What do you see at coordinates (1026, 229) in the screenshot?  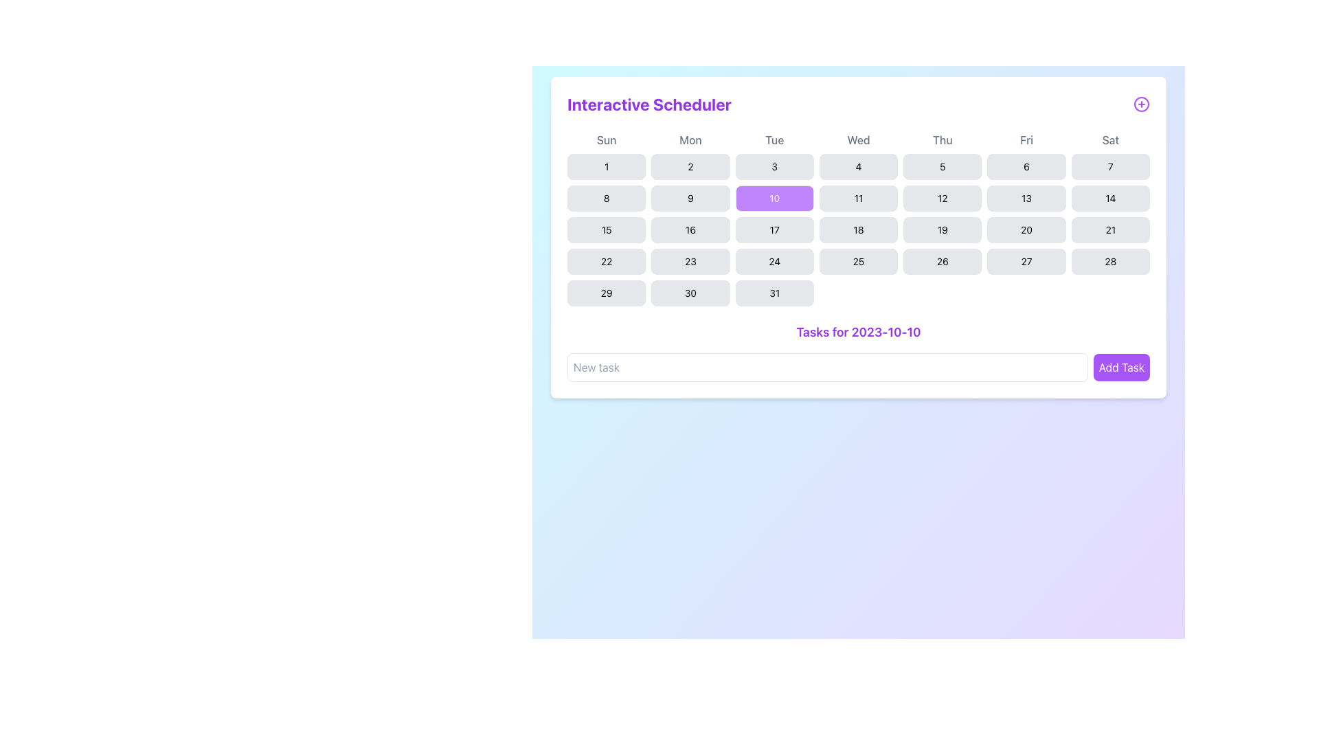 I see `the button in the calendar that allows users` at bounding box center [1026, 229].